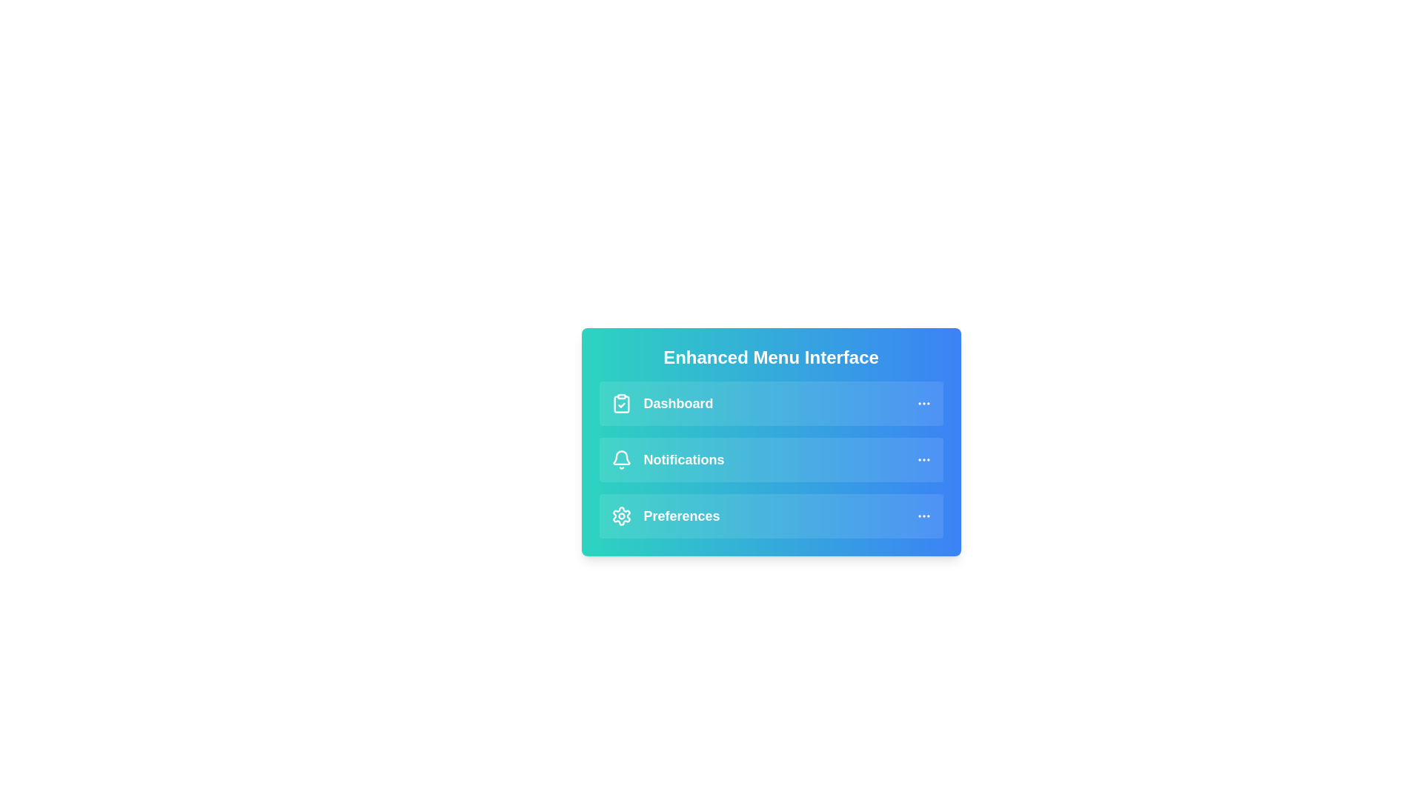 This screenshot has height=800, width=1423. I want to click on the 'Notifications' button located centrally in the vertical stack of sections between 'Dashboard' and 'Preferences', so click(771, 459).